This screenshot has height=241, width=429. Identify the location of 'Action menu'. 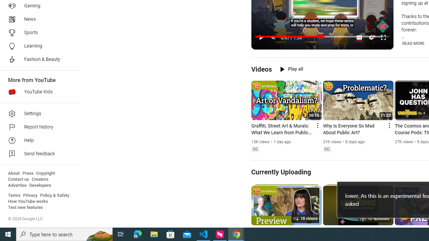
(389, 126).